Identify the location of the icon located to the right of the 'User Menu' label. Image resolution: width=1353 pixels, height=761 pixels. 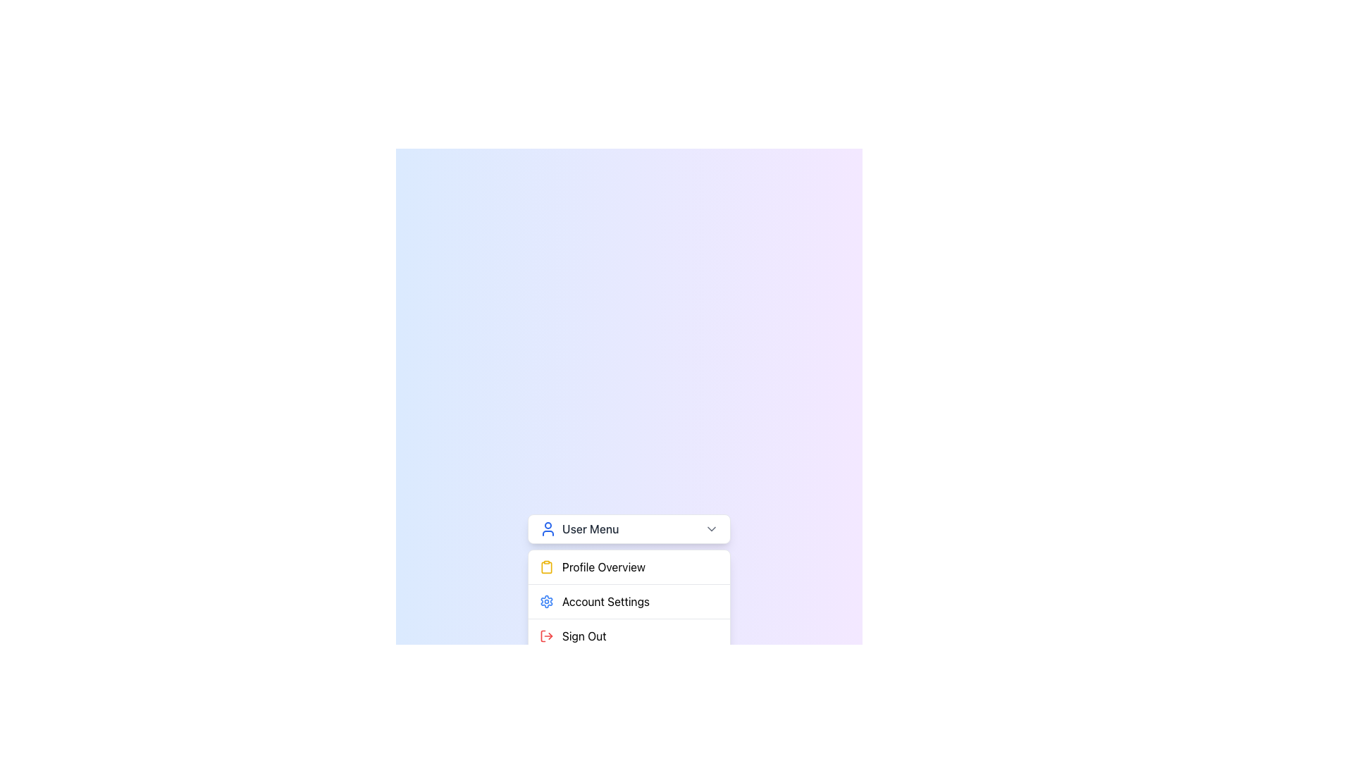
(711, 529).